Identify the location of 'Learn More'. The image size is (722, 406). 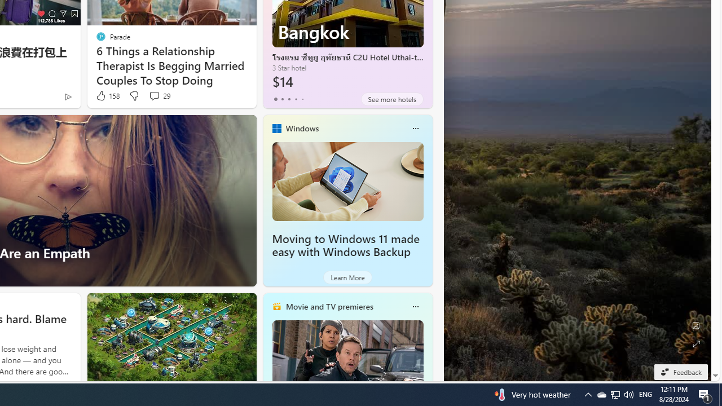
(347, 277).